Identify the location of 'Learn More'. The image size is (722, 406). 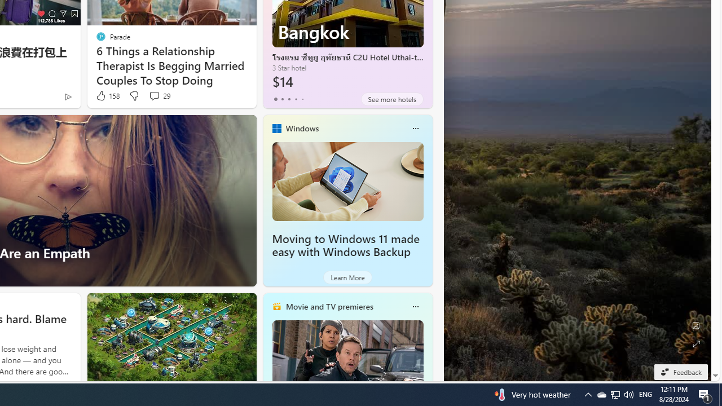
(347, 277).